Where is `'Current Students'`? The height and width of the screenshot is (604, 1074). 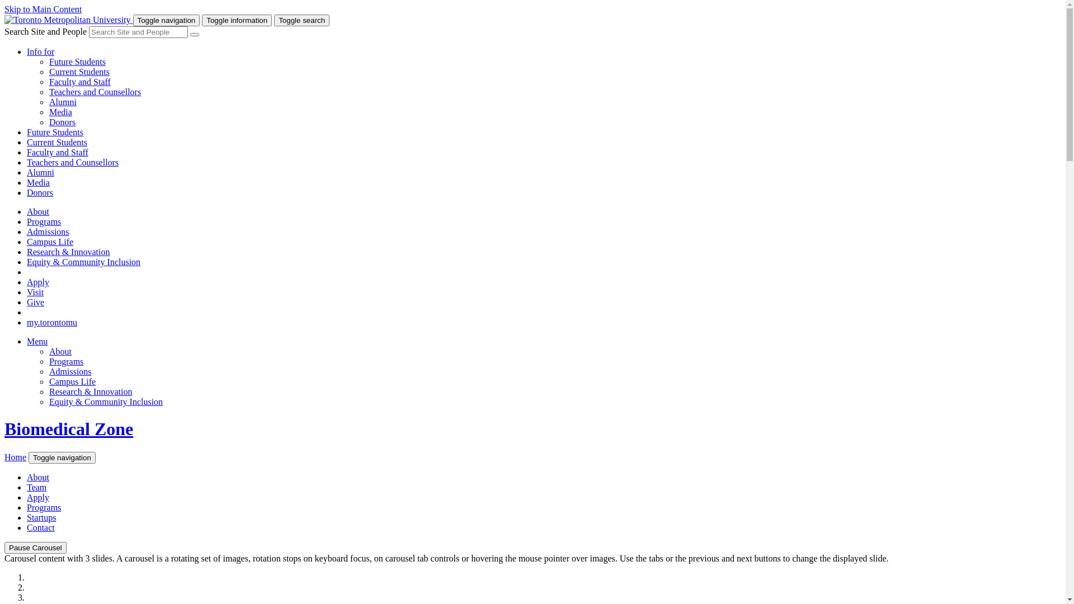
'Current Students' is located at coordinates (48, 72).